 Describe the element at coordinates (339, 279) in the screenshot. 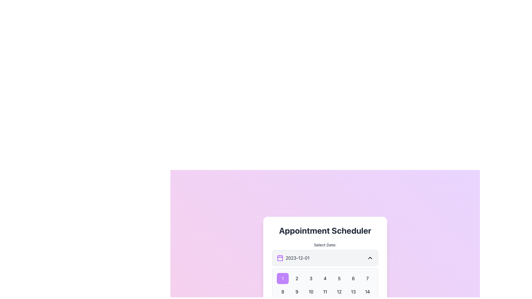

I see `the rounded rectangular button with the number '5' inside it, located in the first row and fifth column of the calendar grid under the heading 'Select Date:'` at that location.